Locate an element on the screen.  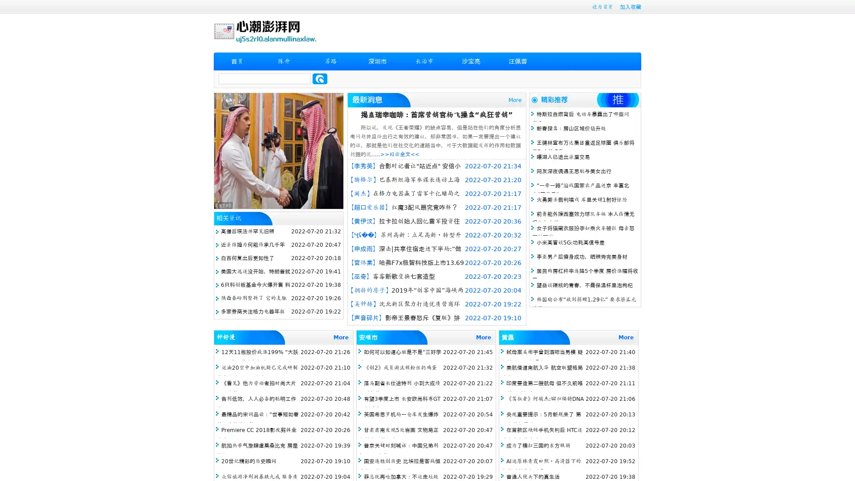
Search is located at coordinates (320, 78).